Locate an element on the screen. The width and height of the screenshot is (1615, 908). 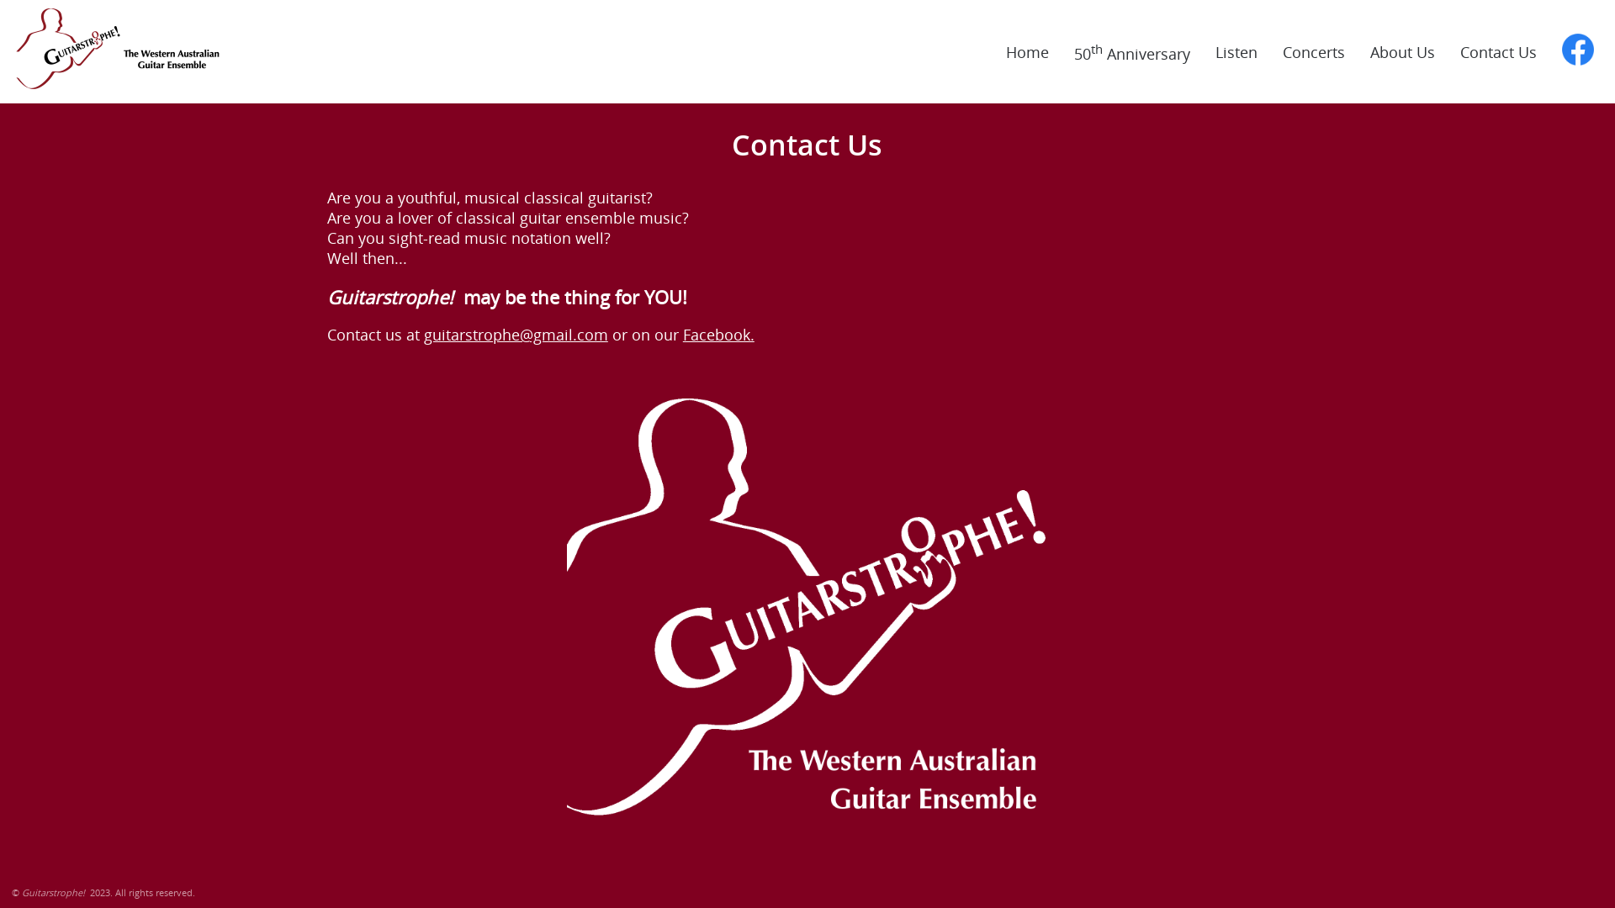
'Facebook.' is located at coordinates (718, 334).